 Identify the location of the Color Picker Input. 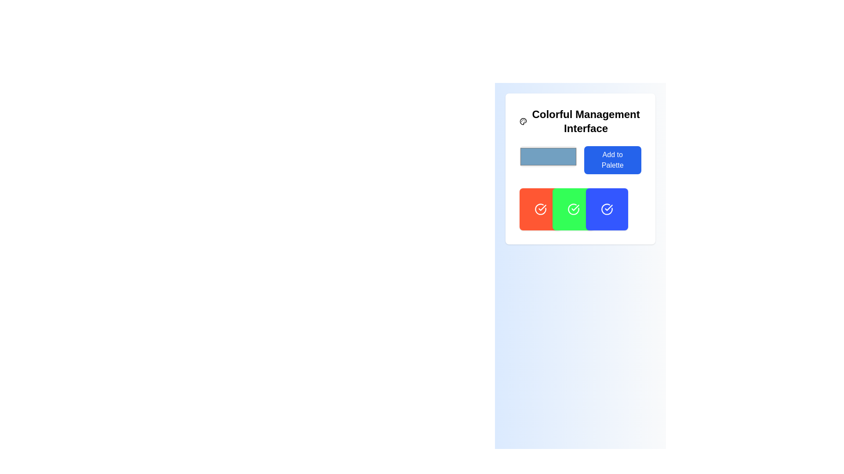
(548, 156).